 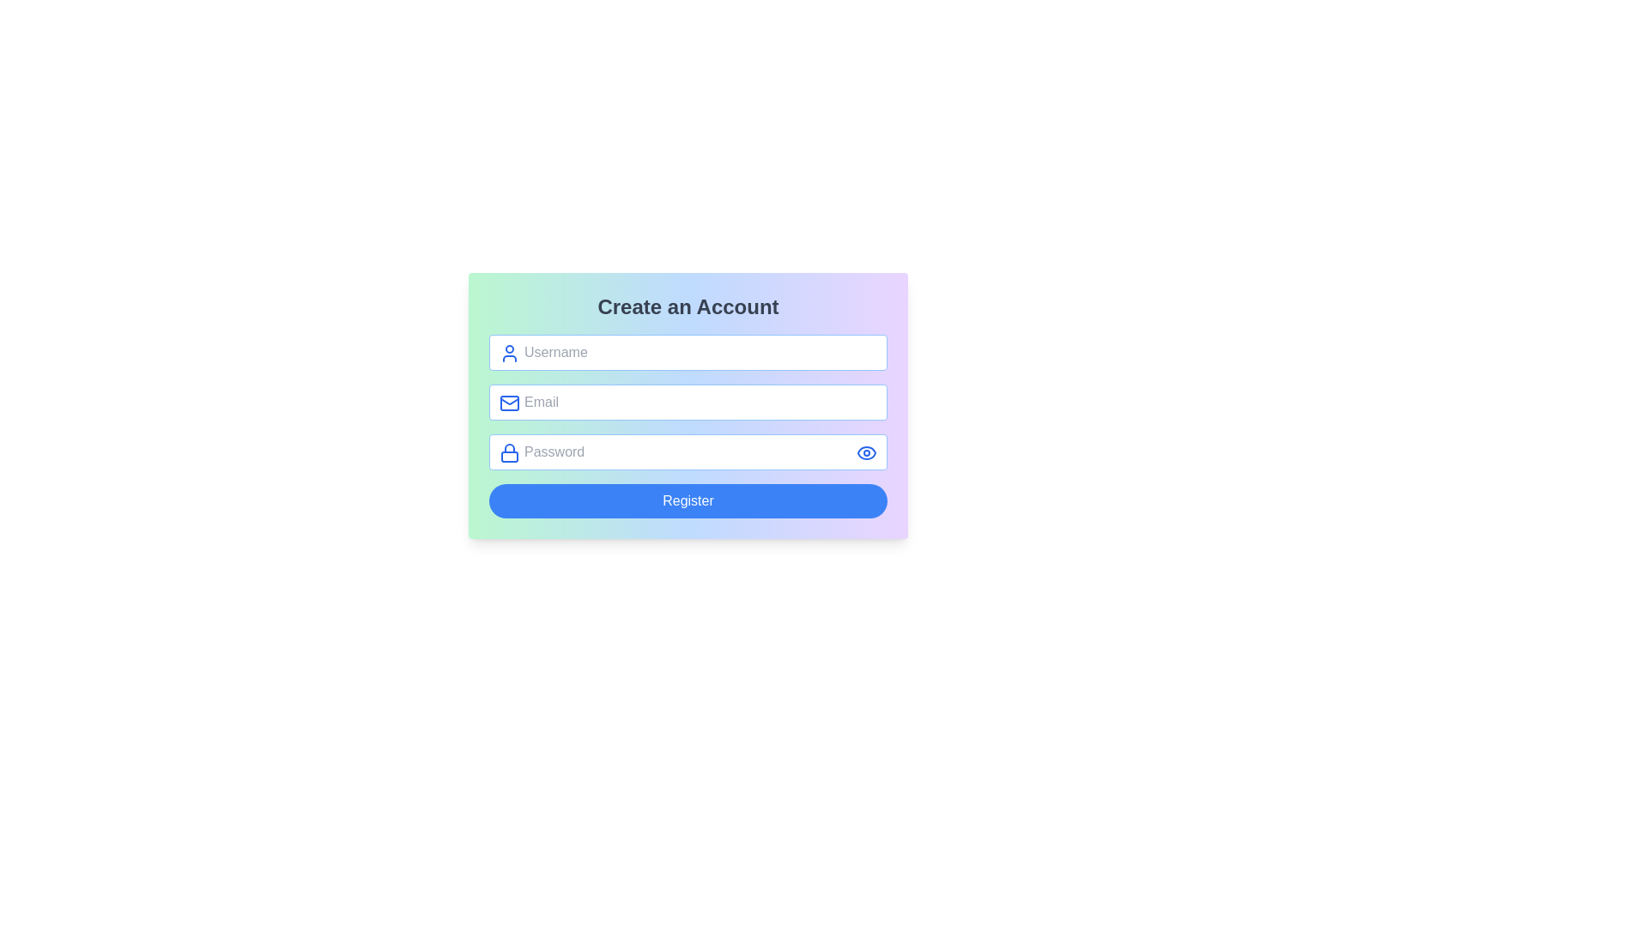 What do you see at coordinates (509, 456) in the screenshot?
I see `the SVG rectangle that visually represents the lock body of the padlock icon, which indicates security for the password input field` at bounding box center [509, 456].